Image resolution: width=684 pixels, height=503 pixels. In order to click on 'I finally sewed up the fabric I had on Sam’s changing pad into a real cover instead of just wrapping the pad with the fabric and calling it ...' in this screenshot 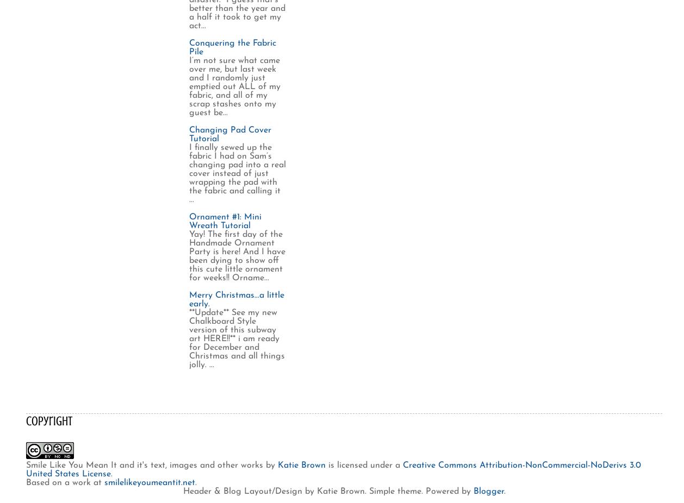, I will do `click(237, 173)`.